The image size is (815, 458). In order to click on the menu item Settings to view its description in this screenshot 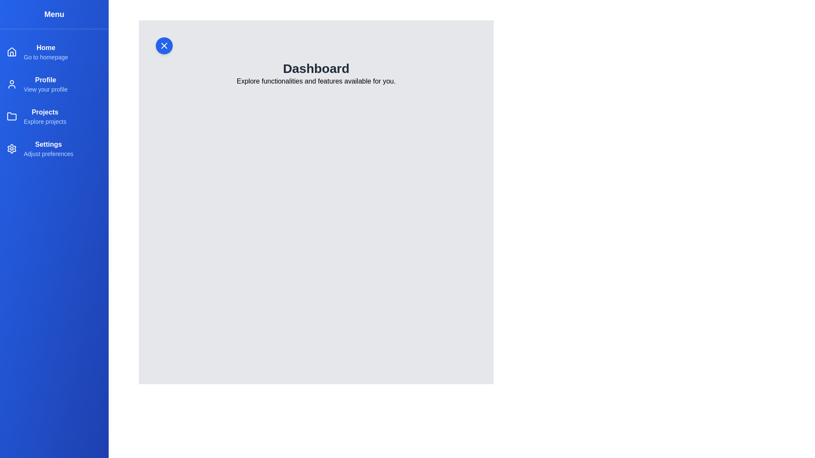, I will do `click(54, 148)`.